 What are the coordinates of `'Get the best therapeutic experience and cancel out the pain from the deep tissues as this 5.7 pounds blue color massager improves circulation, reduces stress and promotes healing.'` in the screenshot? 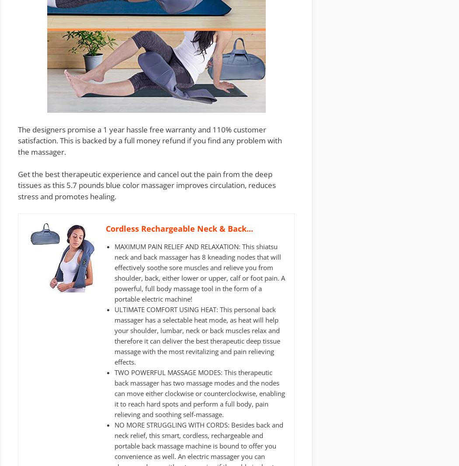 It's located at (147, 184).